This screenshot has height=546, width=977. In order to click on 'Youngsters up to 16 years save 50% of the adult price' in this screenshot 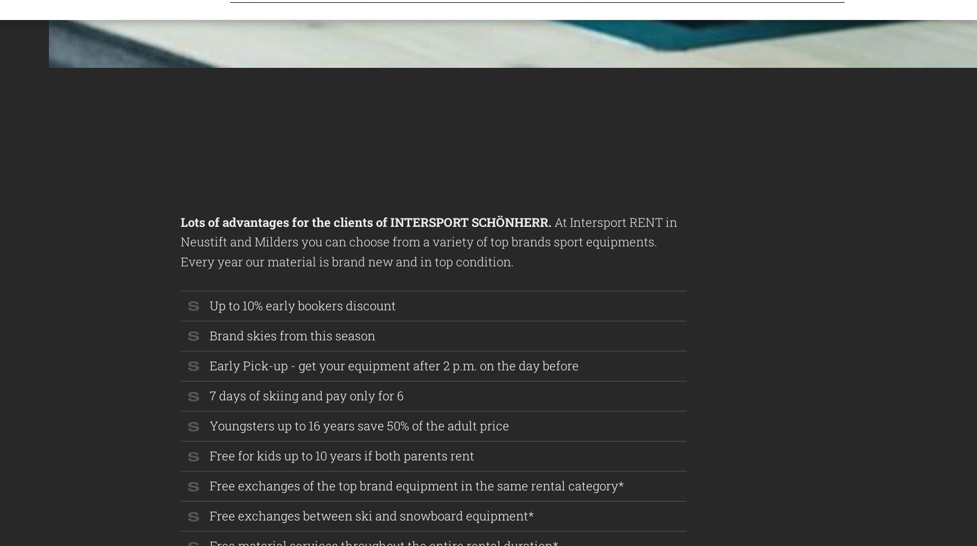, I will do `click(359, 425)`.